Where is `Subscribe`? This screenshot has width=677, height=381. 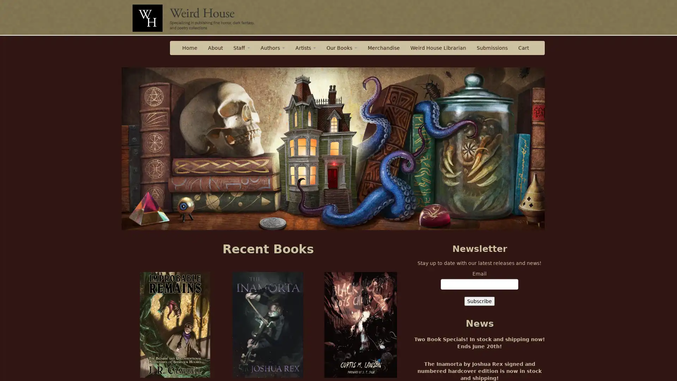 Subscribe is located at coordinates (479, 301).